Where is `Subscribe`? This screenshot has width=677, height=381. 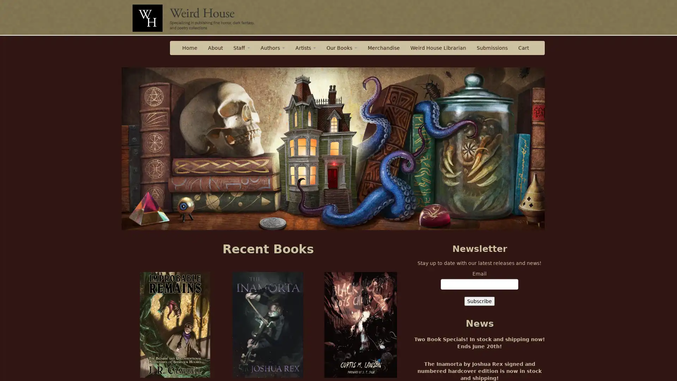 Subscribe is located at coordinates (479, 301).